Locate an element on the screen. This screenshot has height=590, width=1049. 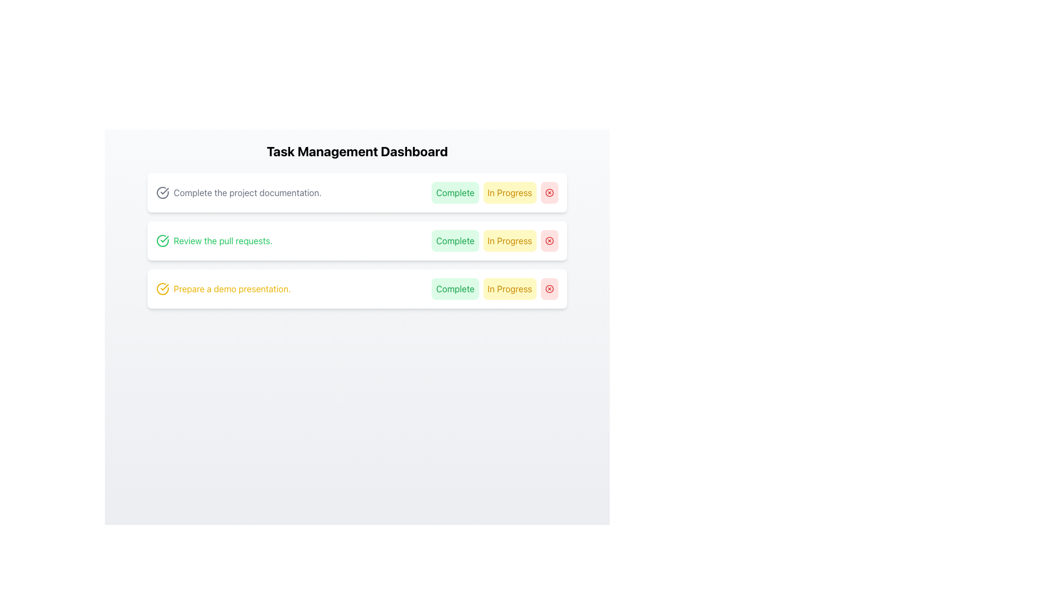
the red circular button with a cross inside, located to the far right of the third task entry in the task dashboard is located at coordinates (550, 240).